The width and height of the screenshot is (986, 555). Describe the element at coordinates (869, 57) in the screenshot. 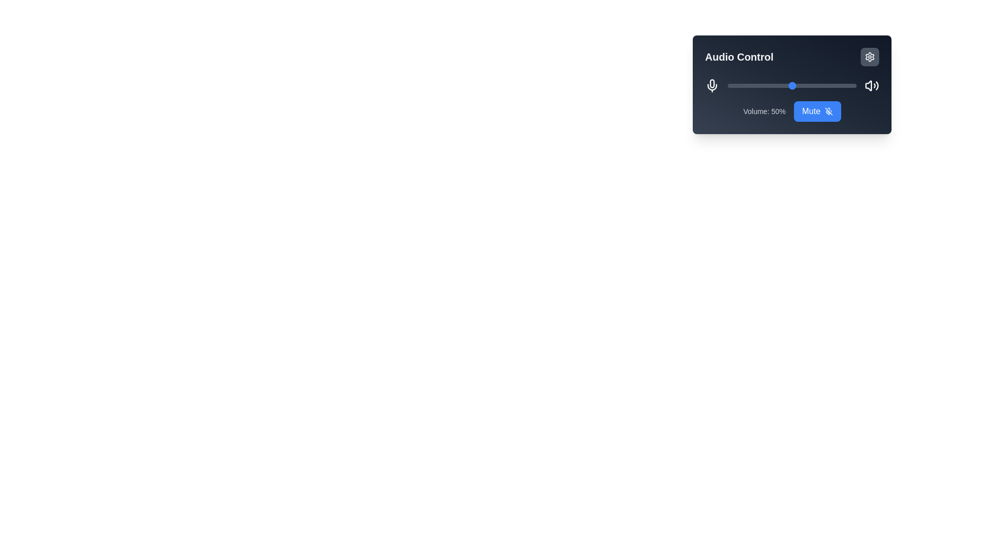

I see `the cog-shaped icon in the top-right corner of the audio control panel` at that location.